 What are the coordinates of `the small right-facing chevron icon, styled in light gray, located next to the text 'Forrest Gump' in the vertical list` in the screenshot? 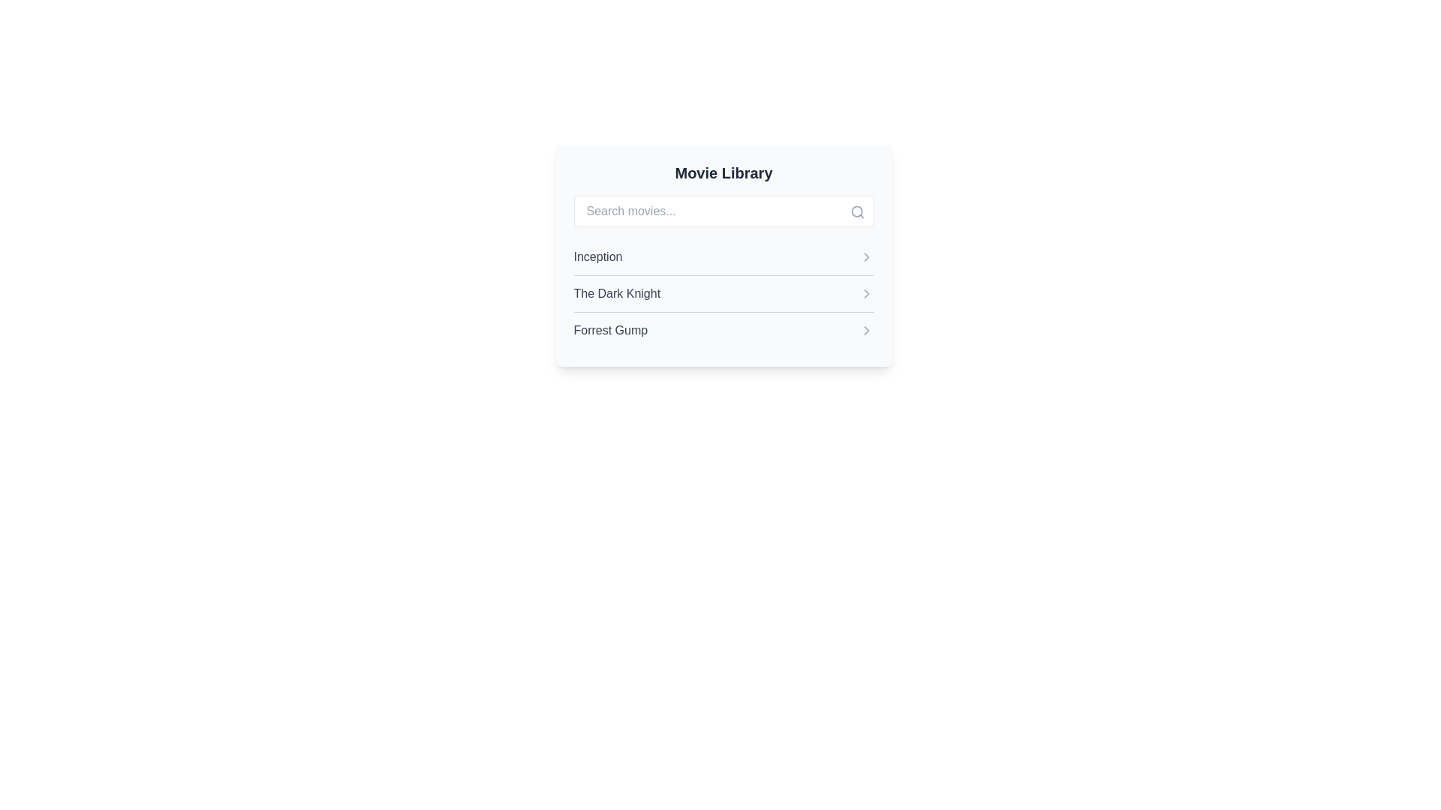 It's located at (866, 329).